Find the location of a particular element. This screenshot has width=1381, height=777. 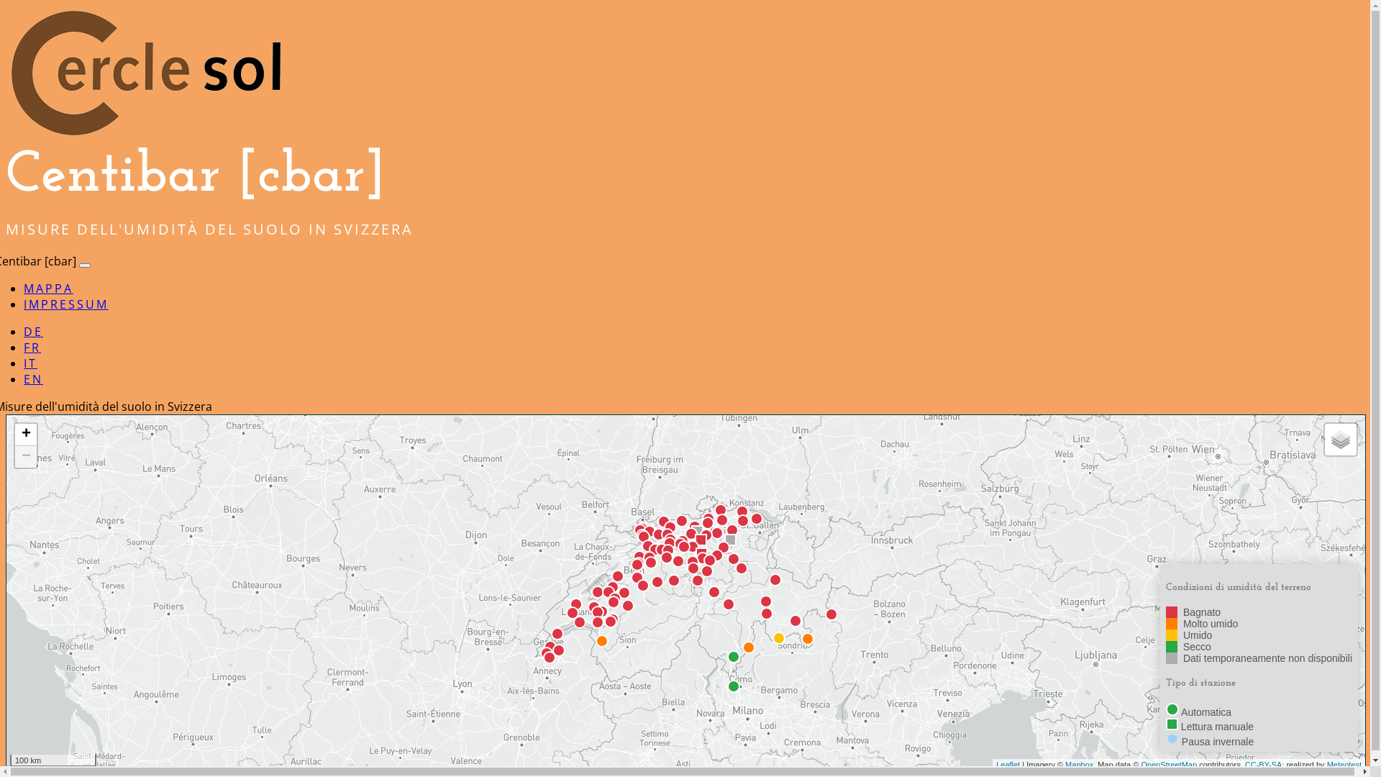

'Layers' is located at coordinates (1339, 438).